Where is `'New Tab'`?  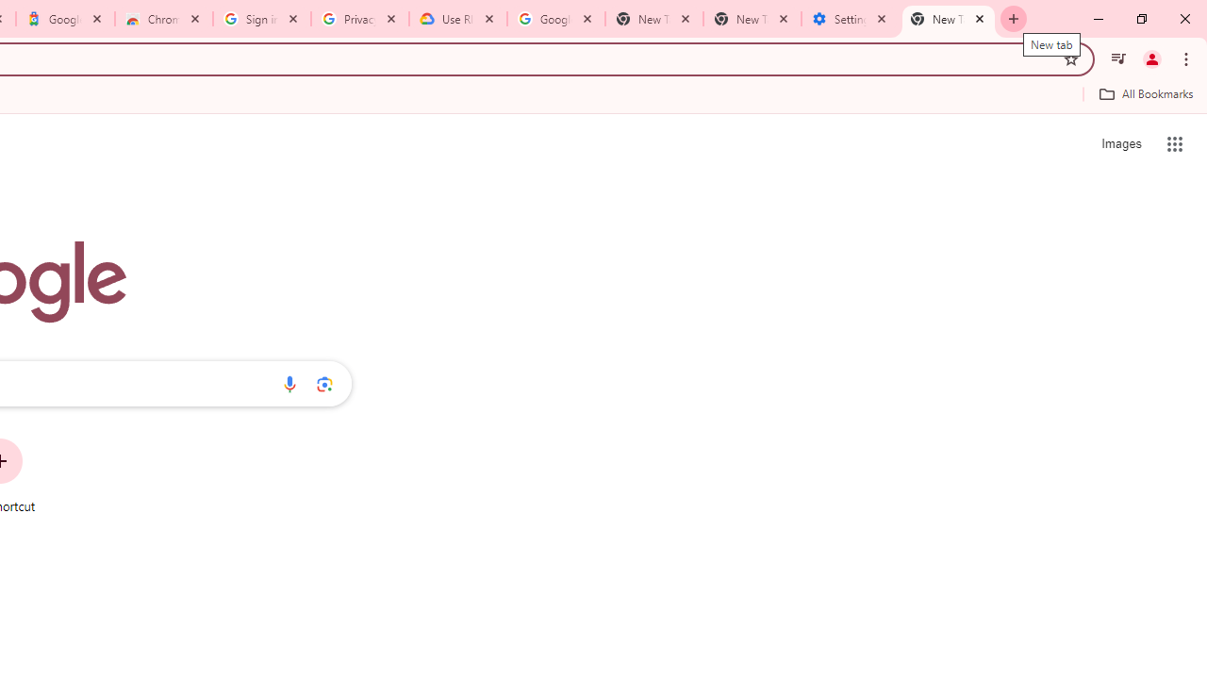 'New Tab' is located at coordinates (949, 19).